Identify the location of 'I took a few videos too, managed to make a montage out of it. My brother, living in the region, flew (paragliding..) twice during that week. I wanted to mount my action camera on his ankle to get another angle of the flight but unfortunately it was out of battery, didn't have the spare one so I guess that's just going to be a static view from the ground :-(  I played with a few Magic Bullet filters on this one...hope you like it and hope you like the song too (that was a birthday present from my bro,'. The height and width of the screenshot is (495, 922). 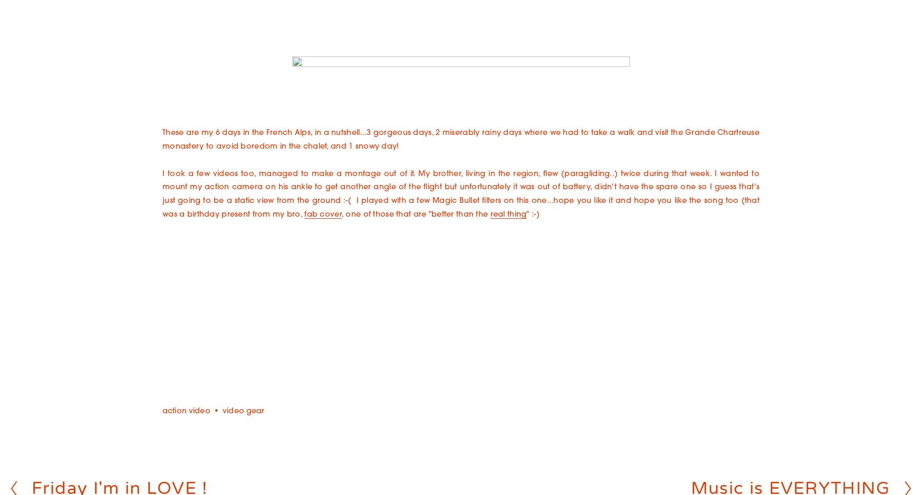
(461, 193).